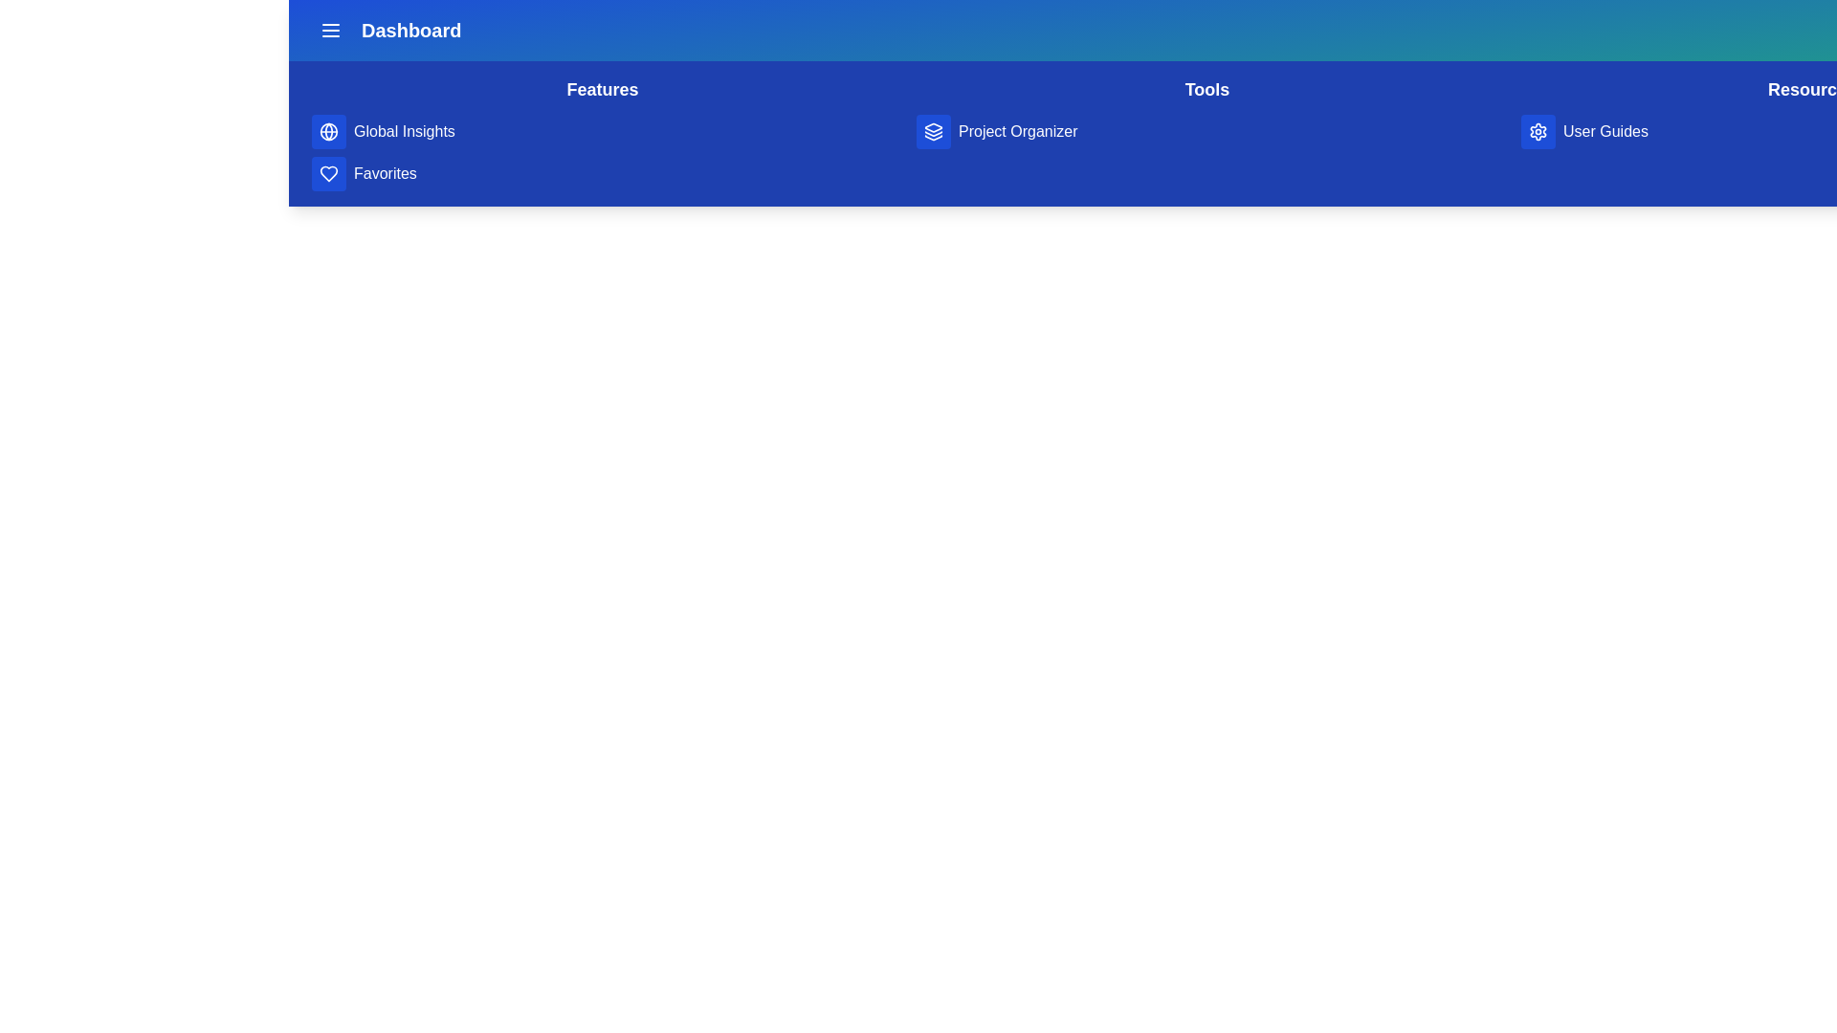 The height and width of the screenshot is (1033, 1837). I want to click on the button with a gear icon that serves as a navigation trigger for 'User Guides', so click(1538, 131).